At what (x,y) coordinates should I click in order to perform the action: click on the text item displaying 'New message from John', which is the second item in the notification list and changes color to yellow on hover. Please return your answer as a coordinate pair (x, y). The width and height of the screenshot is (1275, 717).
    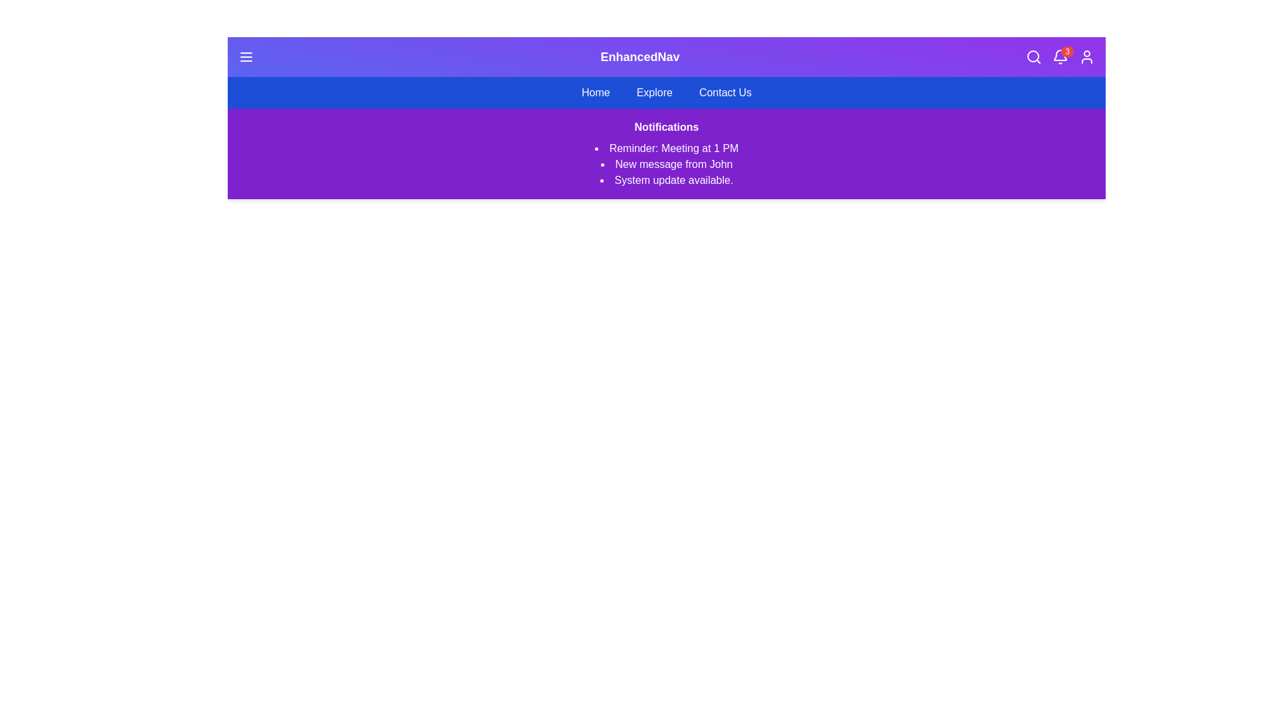
    Looking at the image, I should click on (666, 163).